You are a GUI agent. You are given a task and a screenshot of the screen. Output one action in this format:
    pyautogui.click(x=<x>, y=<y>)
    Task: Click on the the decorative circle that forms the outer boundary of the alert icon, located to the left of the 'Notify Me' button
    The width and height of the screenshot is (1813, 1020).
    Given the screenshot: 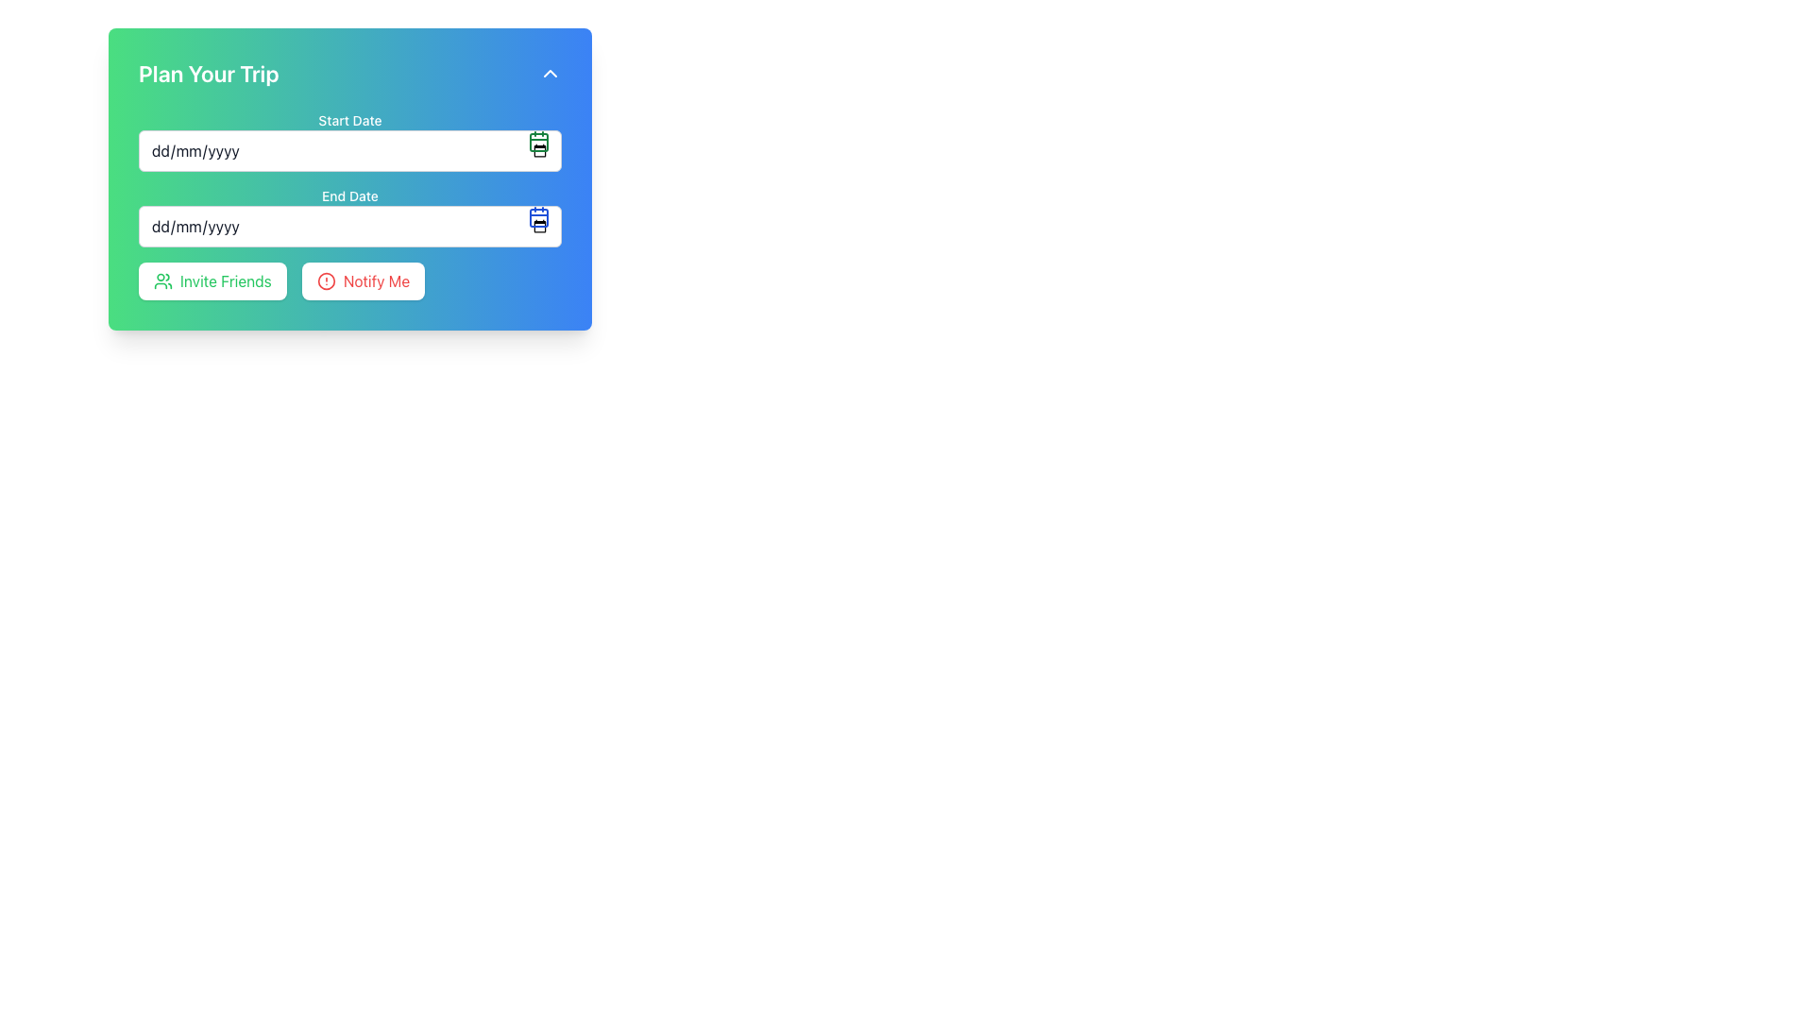 What is the action you would take?
    pyautogui.click(x=326, y=280)
    